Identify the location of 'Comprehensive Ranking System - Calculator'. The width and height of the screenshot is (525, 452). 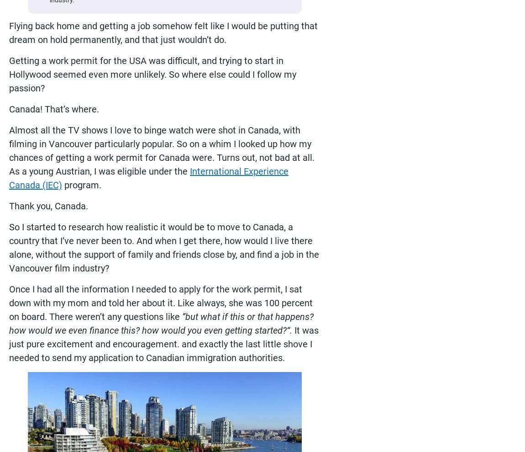
(73, 407).